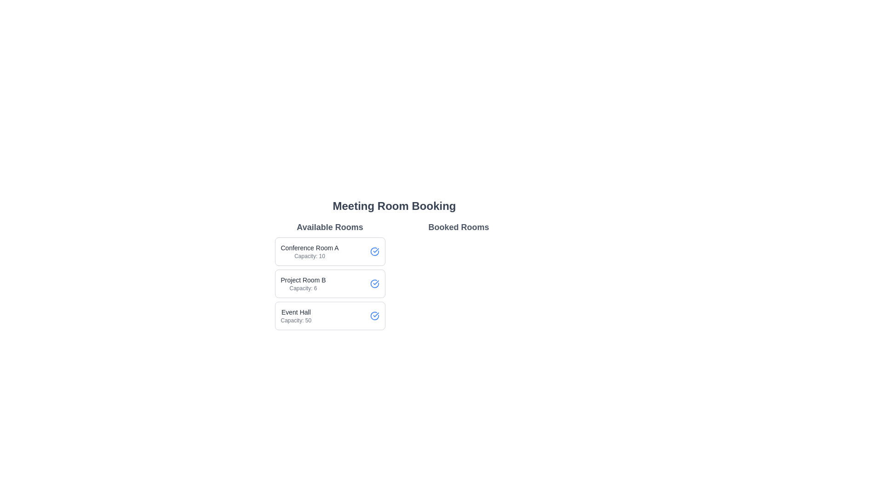  I want to click on the circular status indicator icon with a checkmark inside, located to the right of the 'Project Room B' list item under the 'Available Rooms' section, so click(374, 251).